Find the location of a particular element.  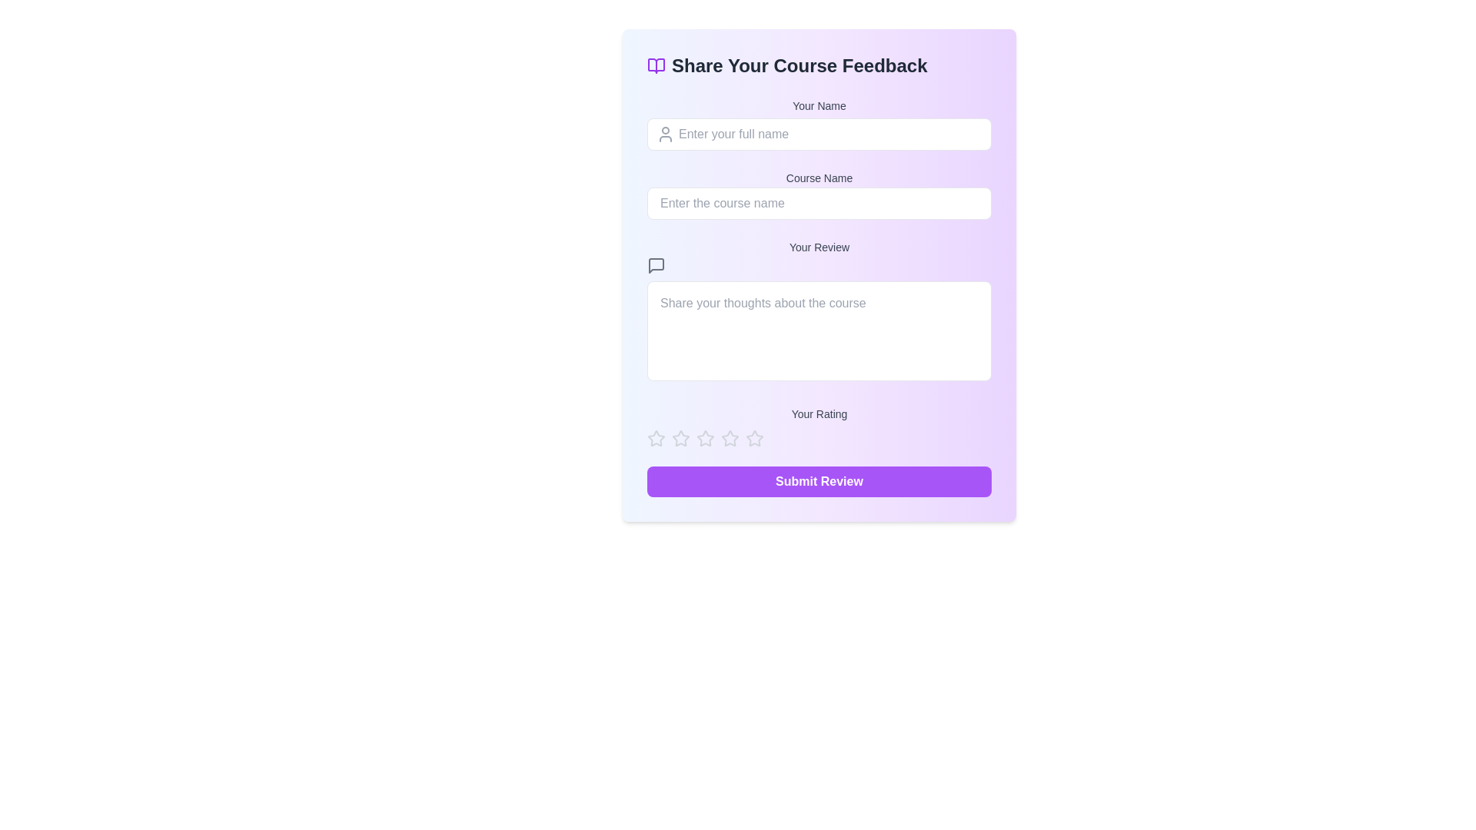

the purple book icon located at the start of the text 'Share Your Course Feedback' is located at coordinates (657, 65).